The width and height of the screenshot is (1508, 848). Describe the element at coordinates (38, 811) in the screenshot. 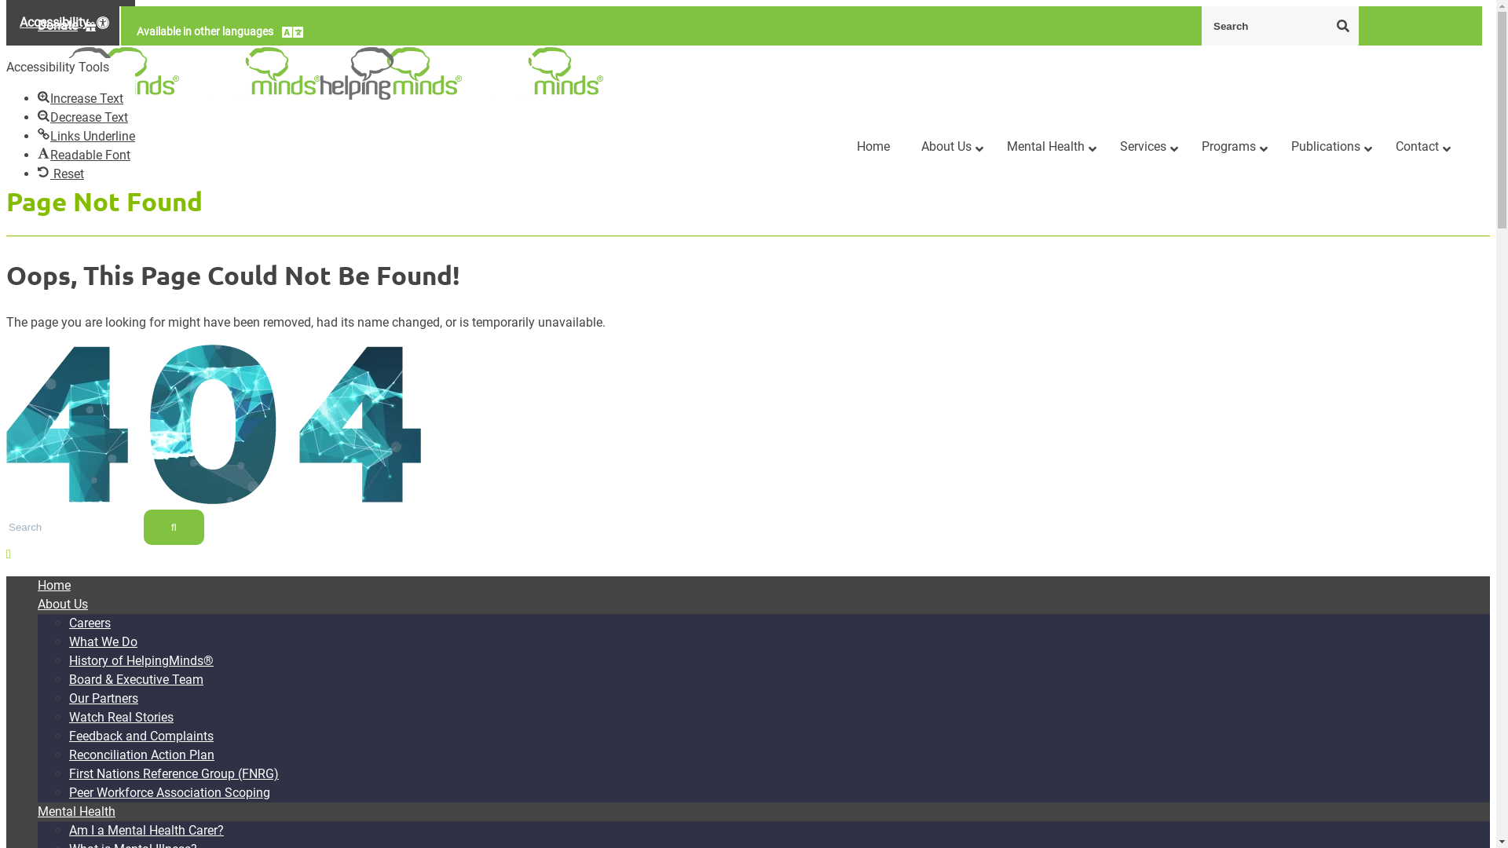

I see `'Mental Health'` at that location.